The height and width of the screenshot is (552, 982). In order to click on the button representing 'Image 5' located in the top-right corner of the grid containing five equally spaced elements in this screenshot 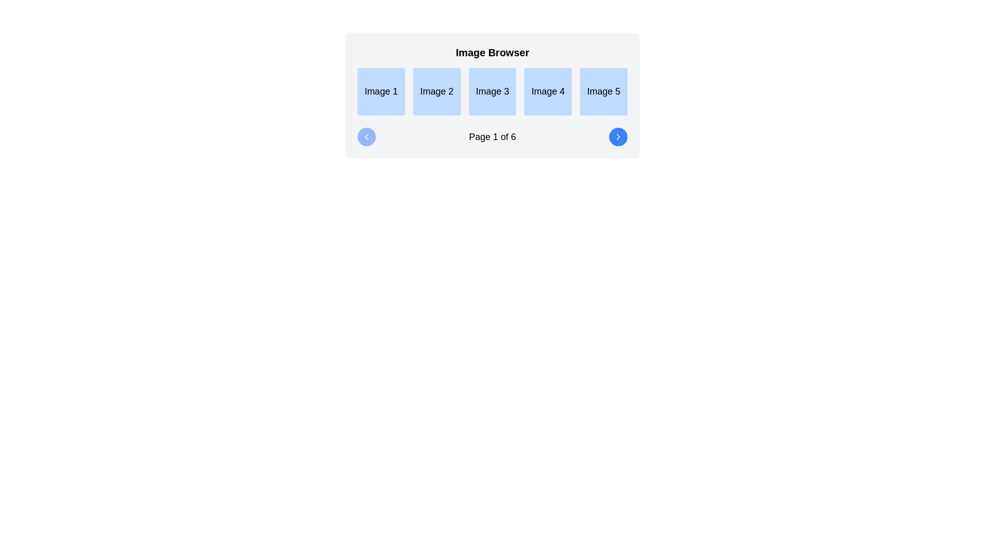, I will do `click(604, 91)`.